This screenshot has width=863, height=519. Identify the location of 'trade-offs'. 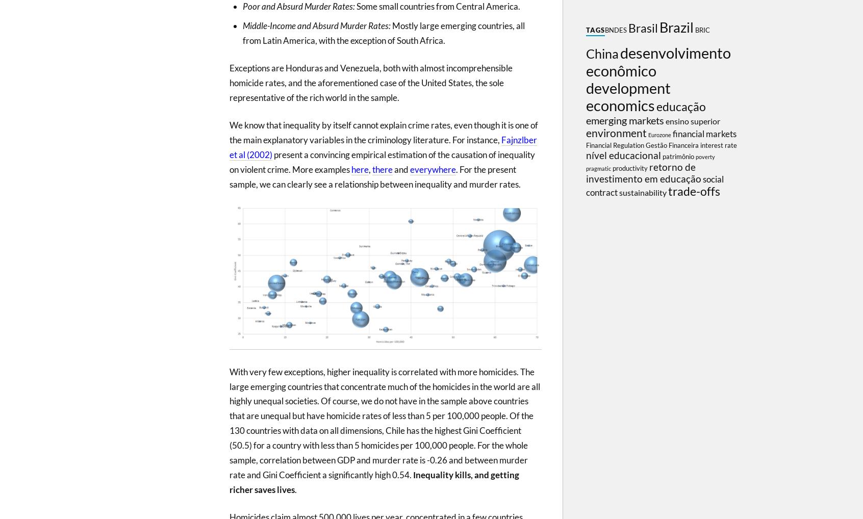
(667, 191).